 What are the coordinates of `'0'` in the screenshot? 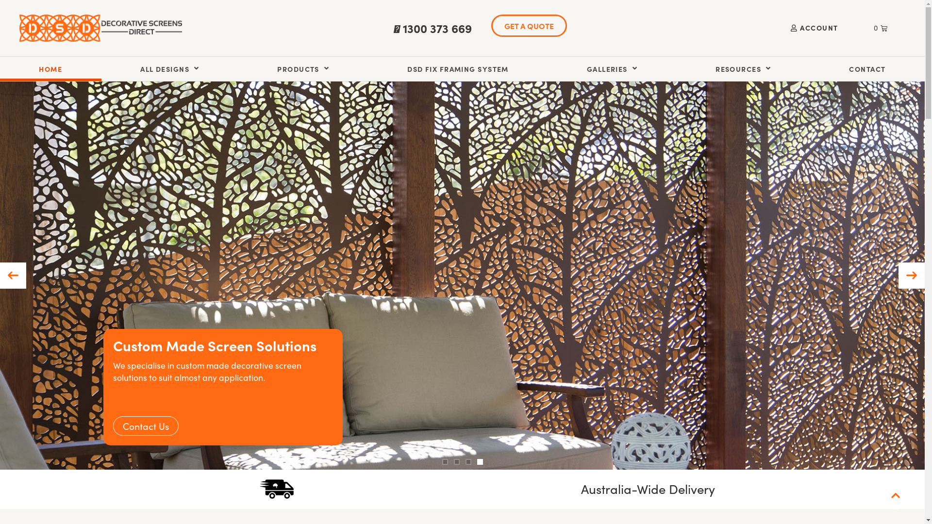 It's located at (862, 27).